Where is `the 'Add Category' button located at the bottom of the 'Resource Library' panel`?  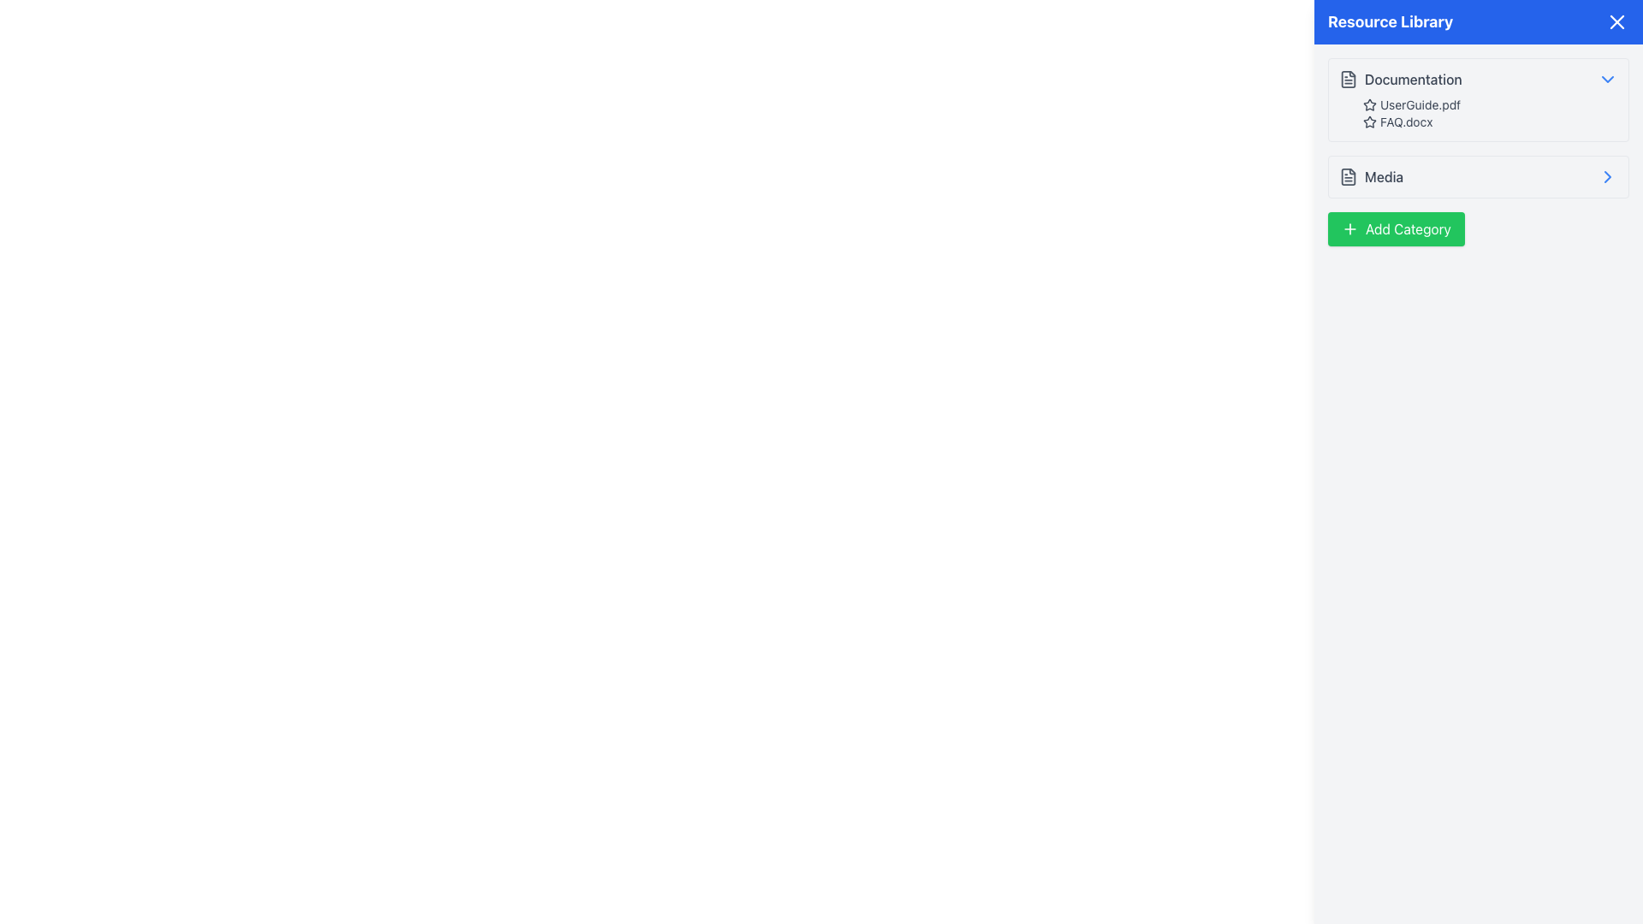
the 'Add Category' button located at the bottom of the 'Resource Library' panel is located at coordinates (1397, 228).